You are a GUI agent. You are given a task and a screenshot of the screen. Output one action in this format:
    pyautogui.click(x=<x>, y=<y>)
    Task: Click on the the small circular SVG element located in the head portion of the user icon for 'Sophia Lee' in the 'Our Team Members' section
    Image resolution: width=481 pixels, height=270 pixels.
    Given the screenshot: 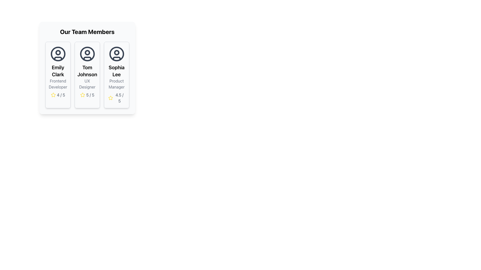 What is the action you would take?
    pyautogui.click(x=116, y=52)
    